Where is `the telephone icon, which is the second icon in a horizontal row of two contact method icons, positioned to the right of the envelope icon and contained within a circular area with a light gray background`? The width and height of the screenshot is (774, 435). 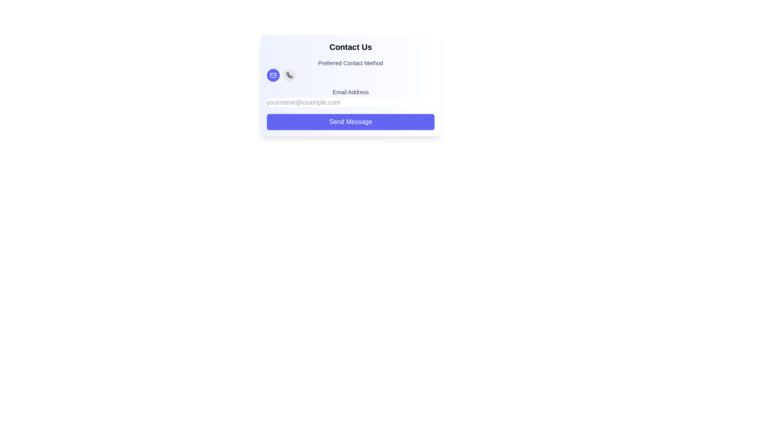
the telephone icon, which is the second icon in a horizontal row of two contact method icons, positioned to the right of the envelope icon and contained within a circular area with a light gray background is located at coordinates (289, 75).